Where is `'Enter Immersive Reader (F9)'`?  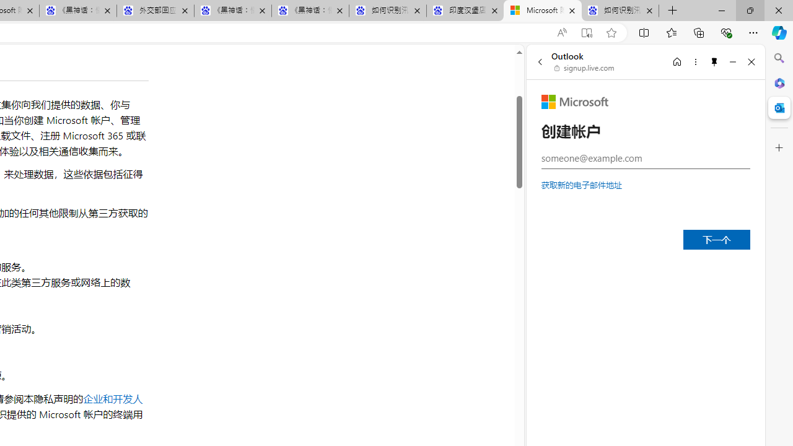 'Enter Immersive Reader (F9)' is located at coordinates (585, 32).